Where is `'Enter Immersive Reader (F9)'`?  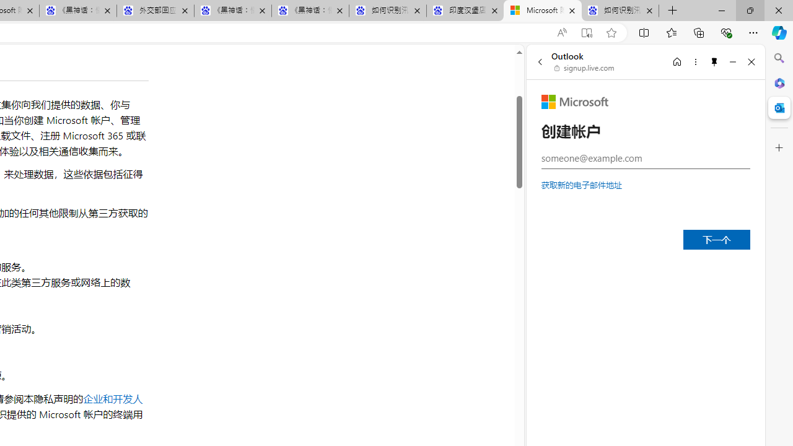 'Enter Immersive Reader (F9)' is located at coordinates (585, 32).